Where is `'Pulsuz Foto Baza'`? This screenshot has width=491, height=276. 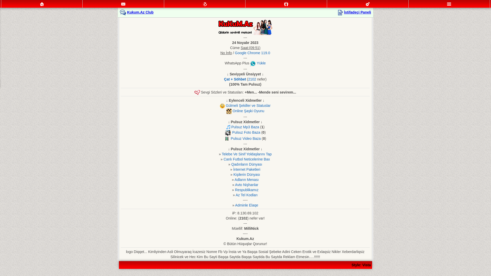 'Pulsuz Foto Baza' is located at coordinates (246, 132).